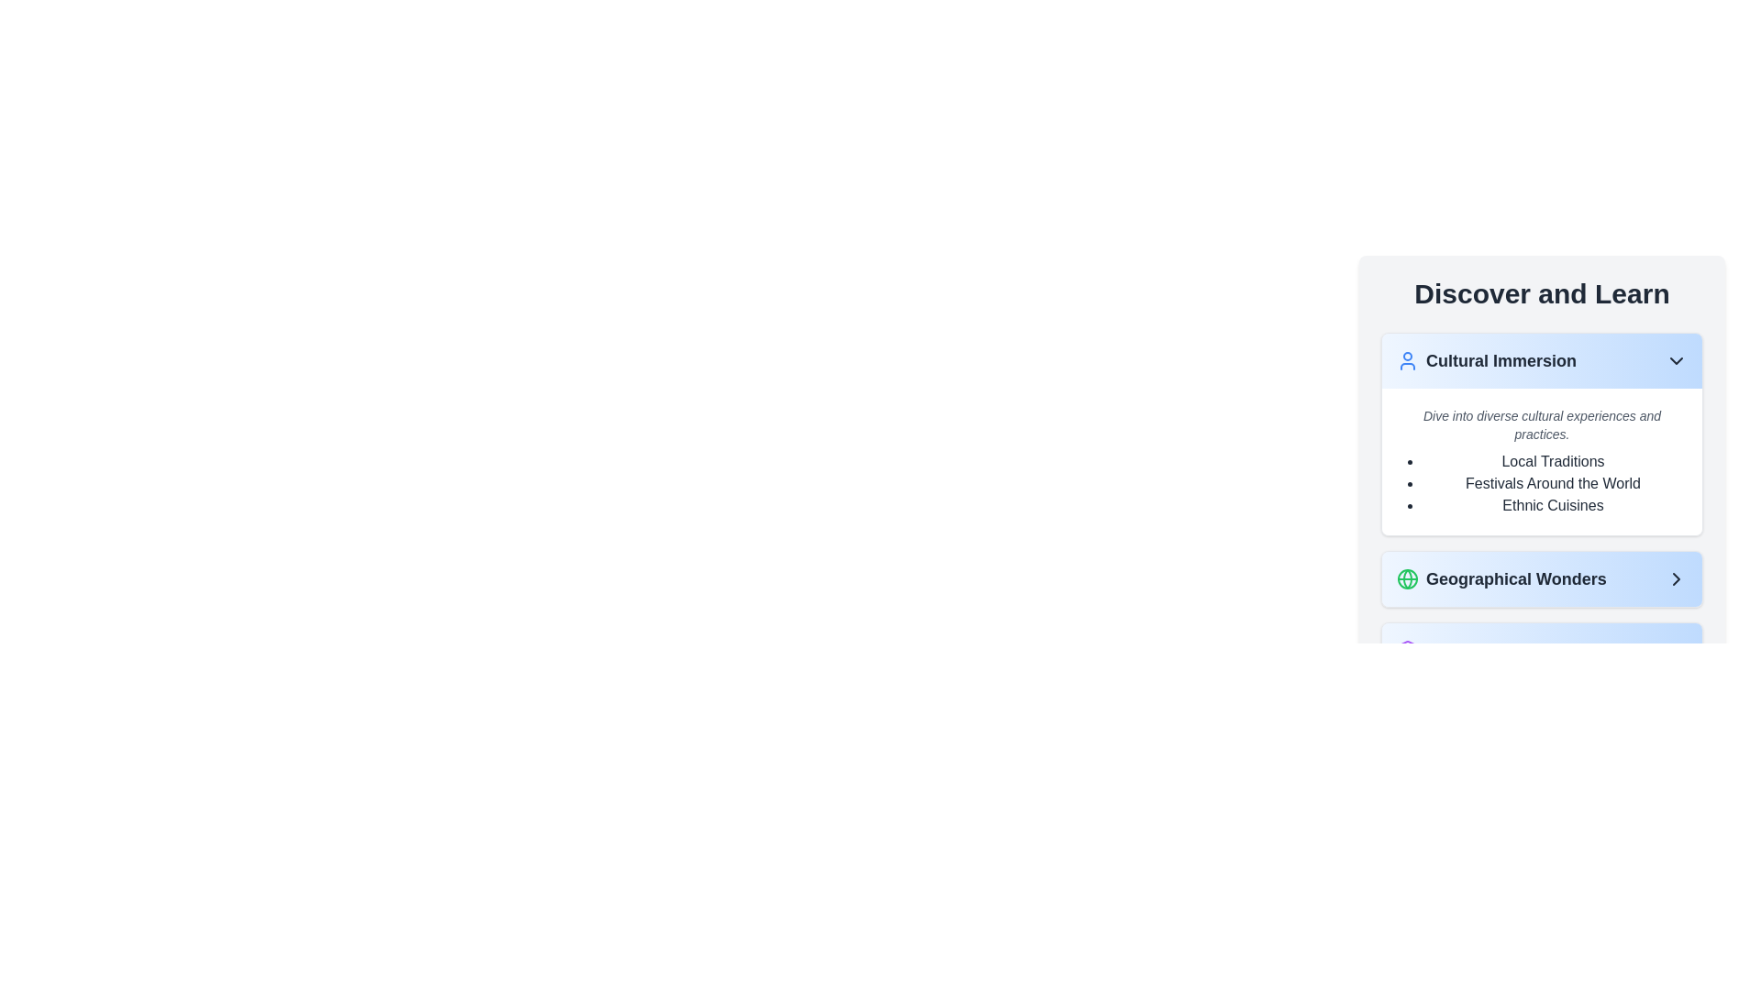 The width and height of the screenshot is (1761, 990). Describe the element at coordinates (1541, 649) in the screenshot. I see `the 'Historical Timelines' navigation button, which is the third button in the list of navigation items, located below 'Geographical Wonders'` at that location.